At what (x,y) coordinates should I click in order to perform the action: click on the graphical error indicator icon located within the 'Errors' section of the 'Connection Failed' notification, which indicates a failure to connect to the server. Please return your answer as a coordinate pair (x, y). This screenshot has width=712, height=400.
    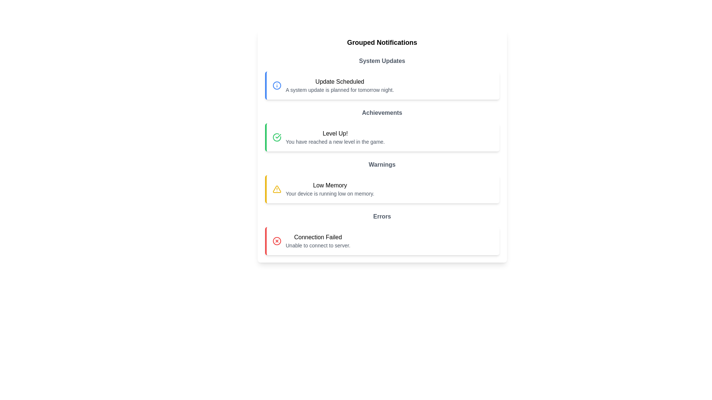
    Looking at the image, I should click on (276, 241).